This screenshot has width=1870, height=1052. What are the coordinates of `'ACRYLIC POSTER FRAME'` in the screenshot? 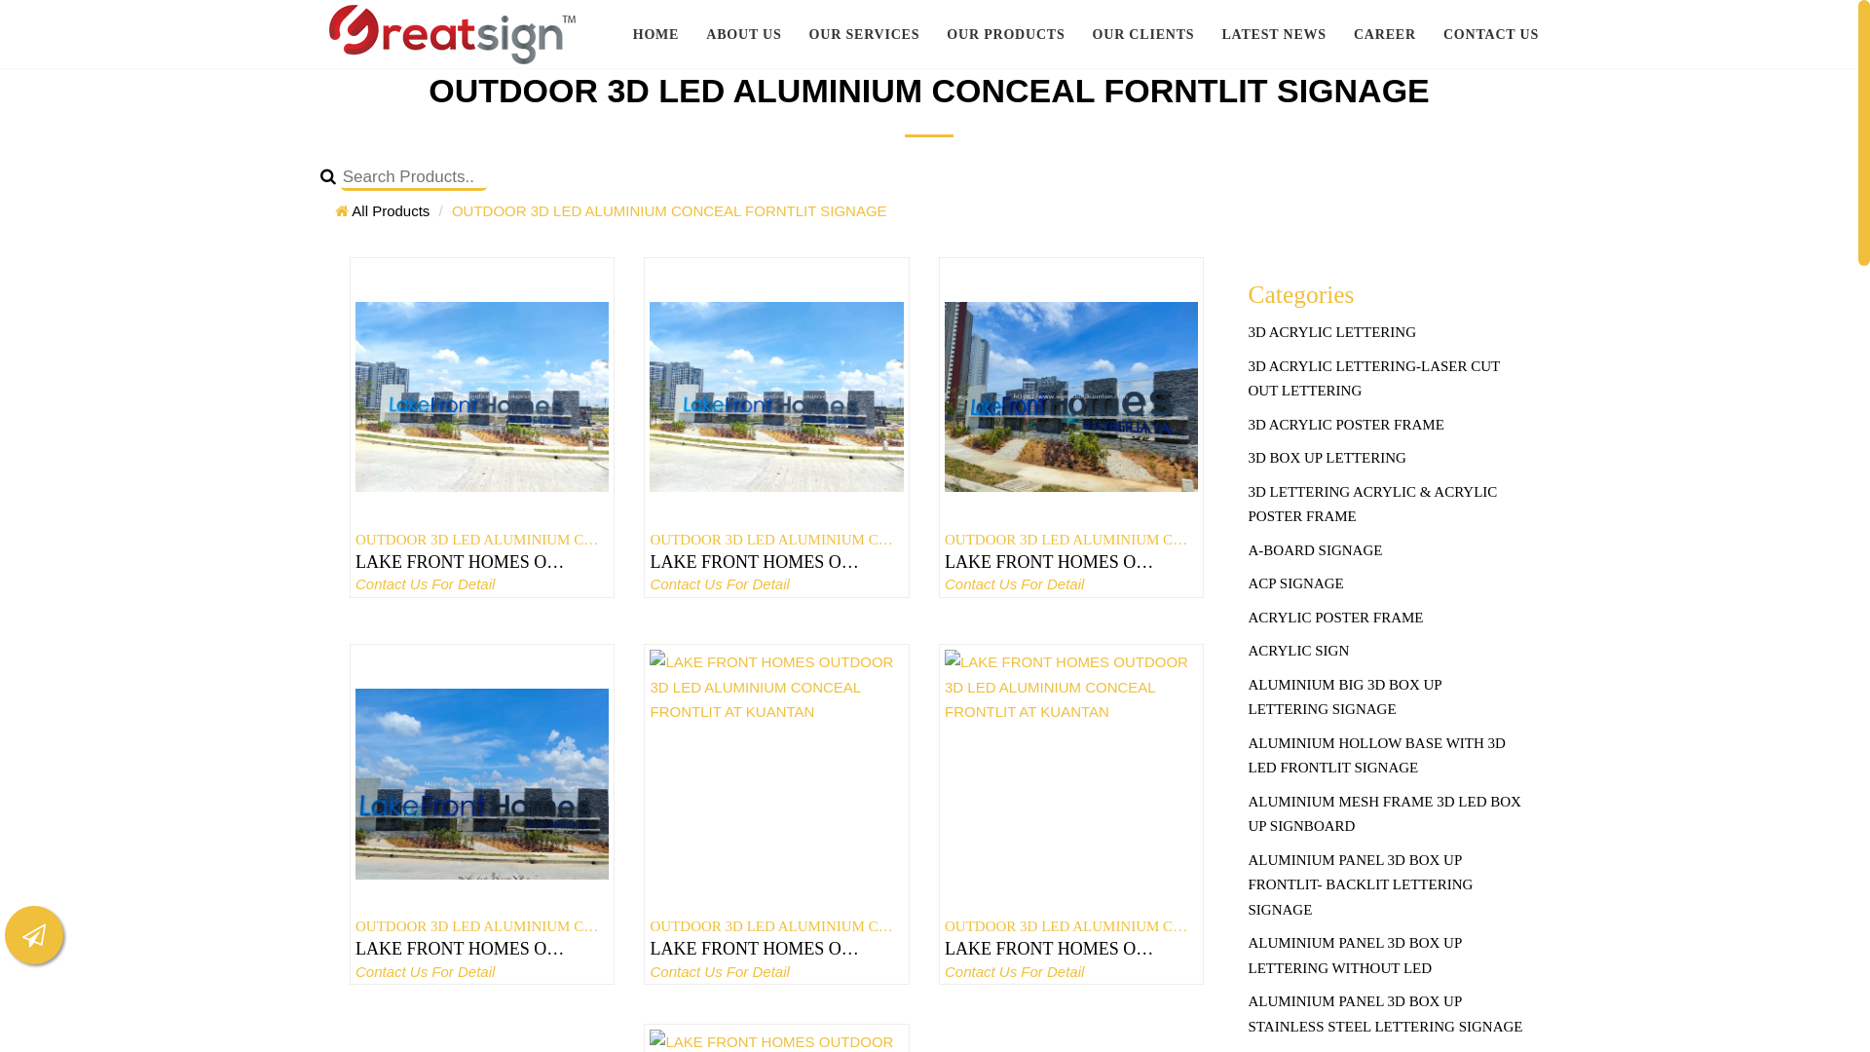 It's located at (1385, 619).